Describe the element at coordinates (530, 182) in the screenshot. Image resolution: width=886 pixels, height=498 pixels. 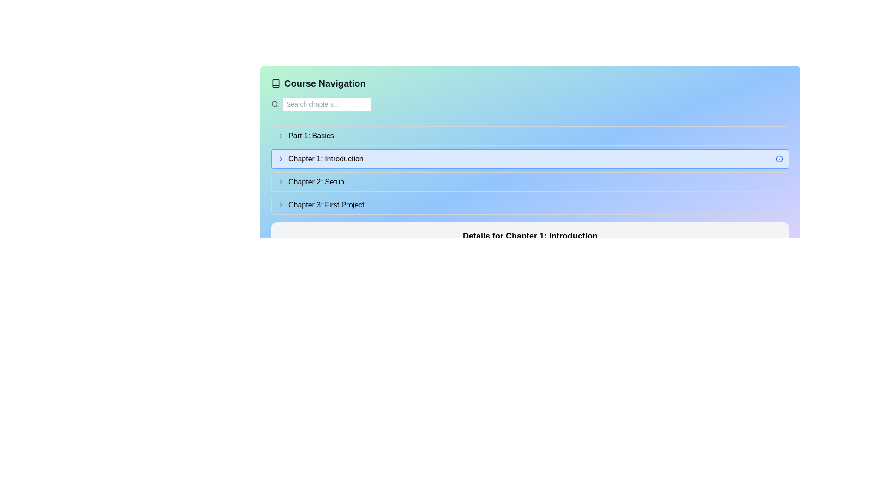
I see `the 'Chapter 2: Setup' navigation list item` at that location.